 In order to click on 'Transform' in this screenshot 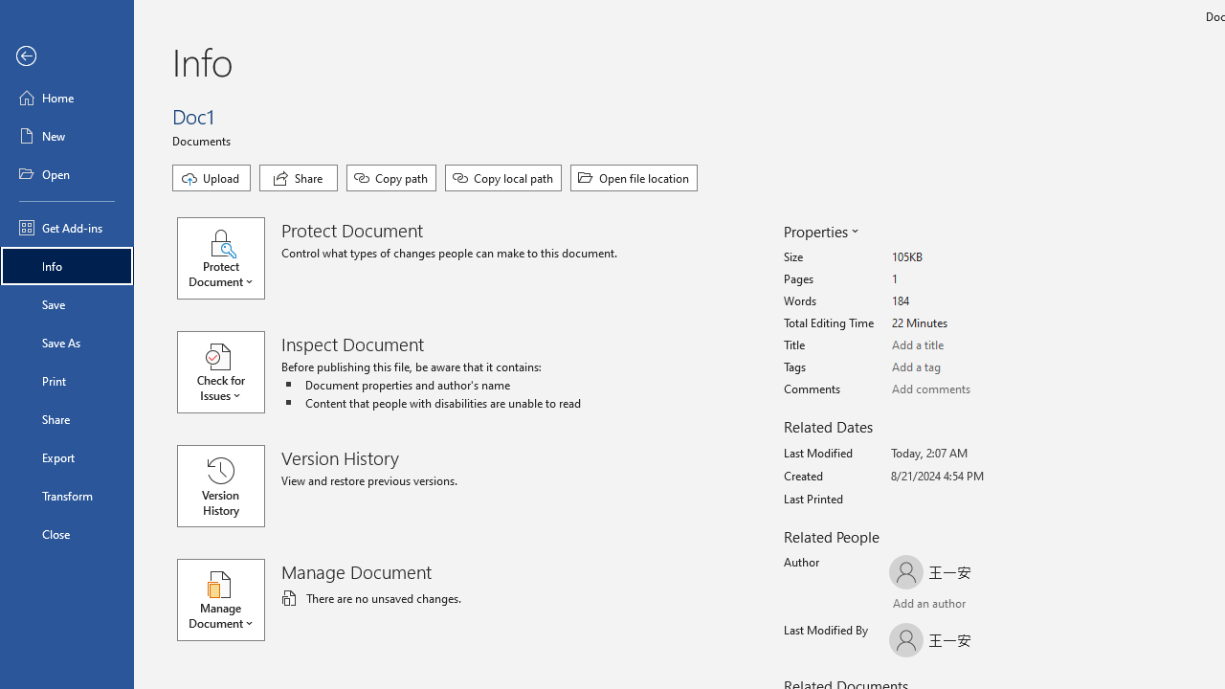, I will do `click(66, 495)`.